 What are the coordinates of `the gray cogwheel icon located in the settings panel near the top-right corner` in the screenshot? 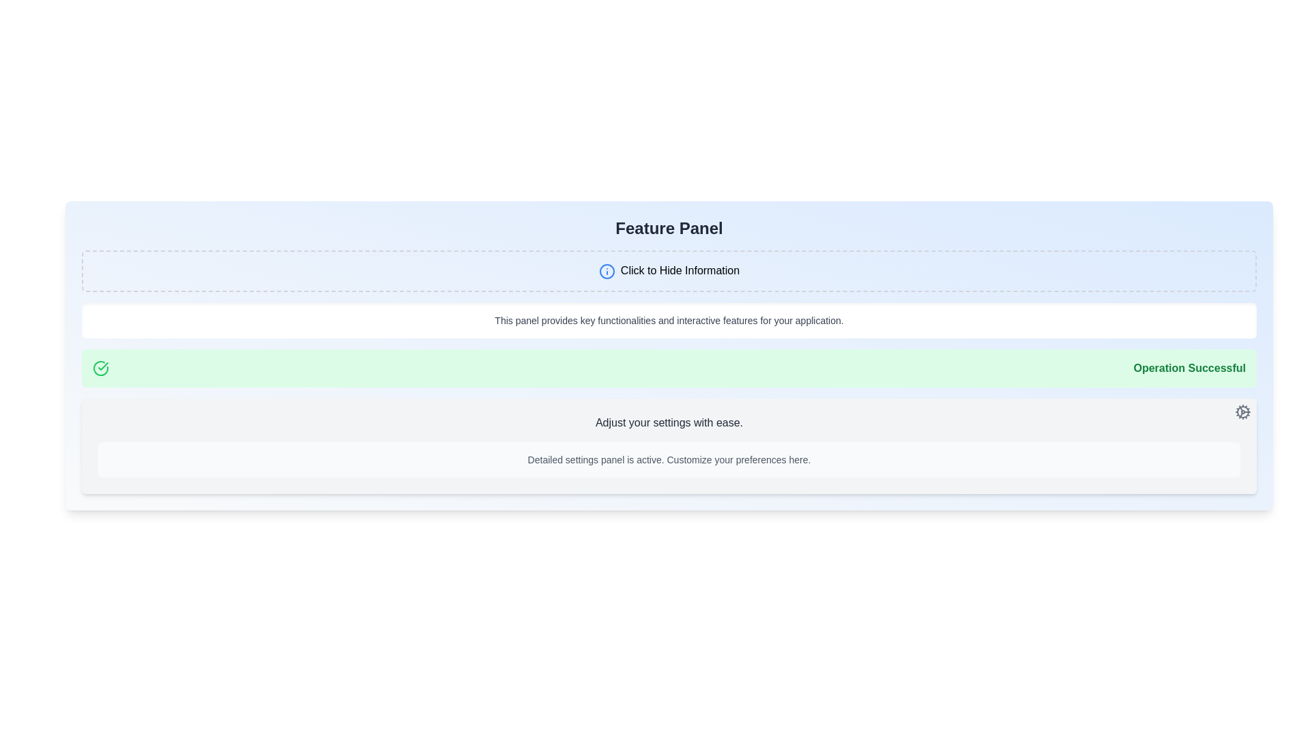 It's located at (1243, 410).